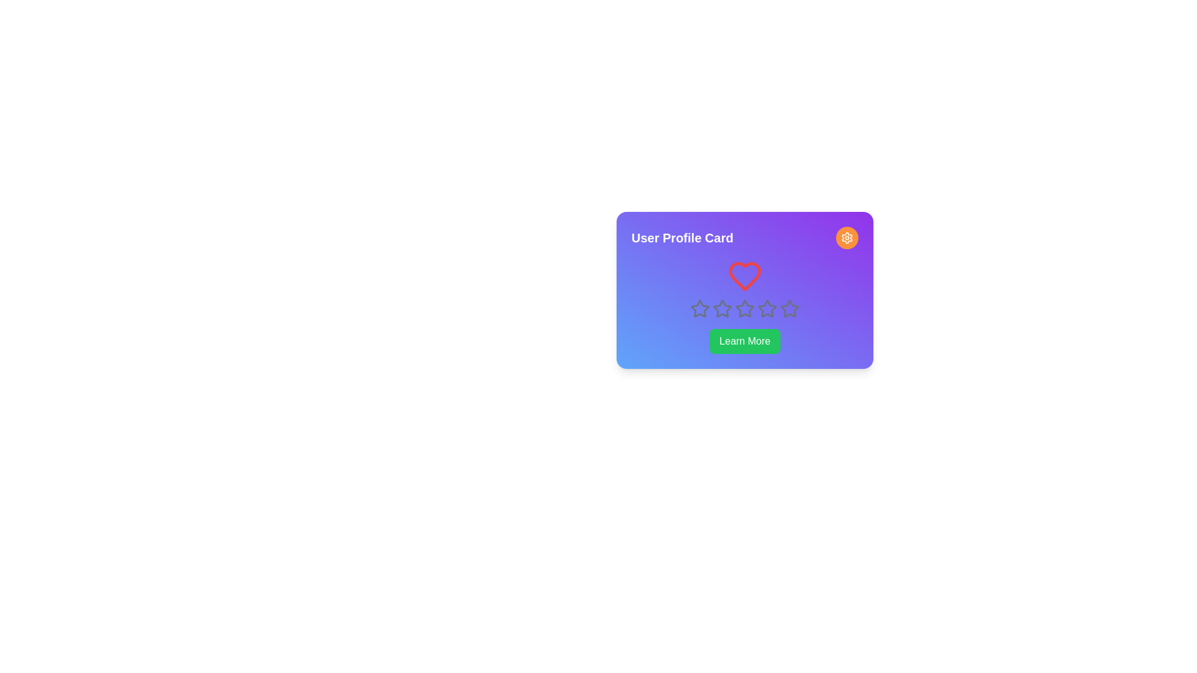 This screenshot has height=673, width=1197. I want to click on the red heart-shaped icon located, so click(745, 275).